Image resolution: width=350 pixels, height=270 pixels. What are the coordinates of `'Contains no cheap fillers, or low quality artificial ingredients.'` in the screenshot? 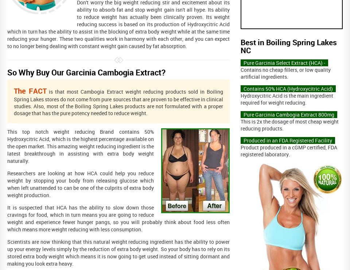 It's located at (285, 73).